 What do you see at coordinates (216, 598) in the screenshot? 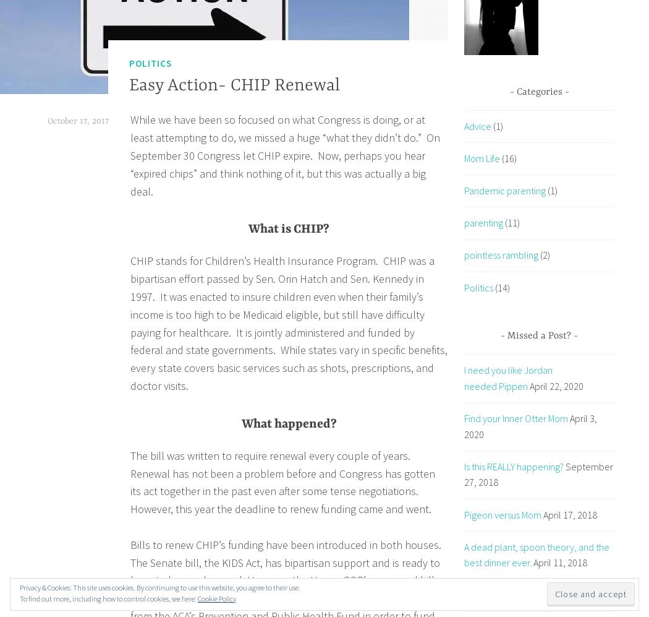
I see `'Cookie Policy'` at bounding box center [216, 598].